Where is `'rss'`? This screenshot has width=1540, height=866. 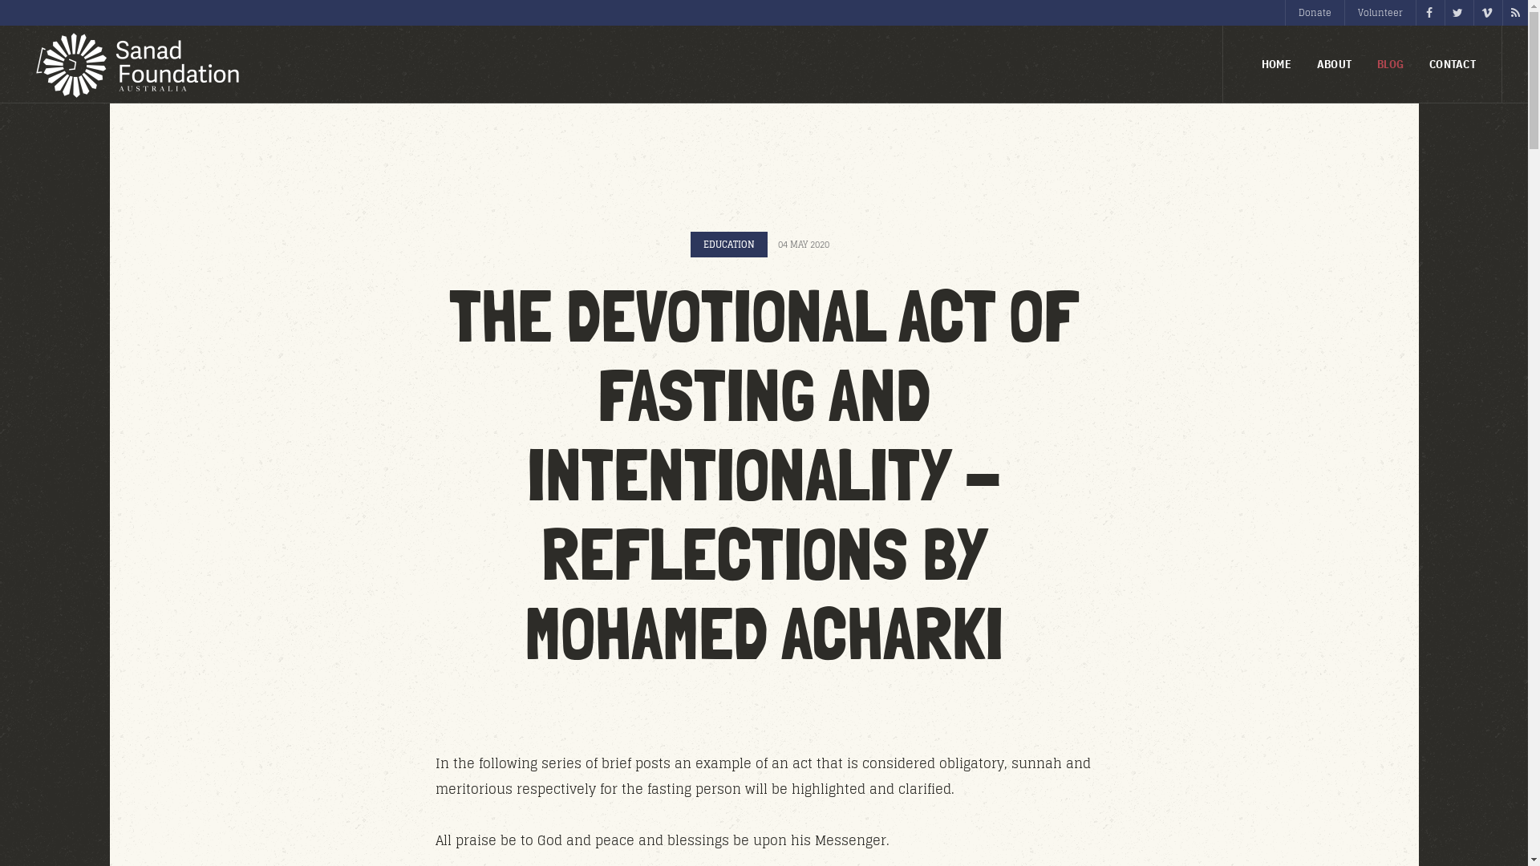 'rss' is located at coordinates (1514, 12).